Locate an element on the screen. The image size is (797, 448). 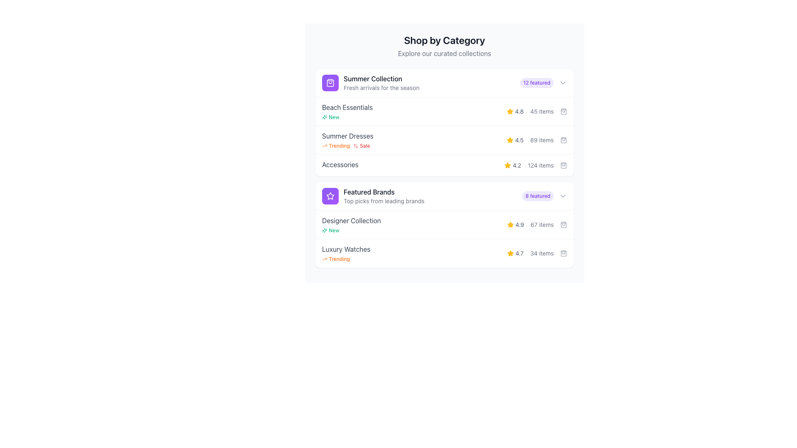
the shopping bag icon in the 'Featured Brands' section, located near the 'Designer Collection' entry, which is a non-interactive SVG graphic outlined in grey tones with hover-state transitions to violet is located at coordinates (564, 225).